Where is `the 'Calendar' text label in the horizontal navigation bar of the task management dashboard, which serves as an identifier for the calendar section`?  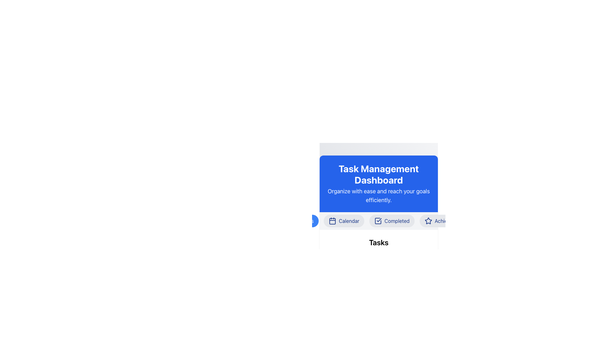
the 'Calendar' text label in the horizontal navigation bar of the task management dashboard, which serves as an identifier for the calendar section is located at coordinates (349, 221).